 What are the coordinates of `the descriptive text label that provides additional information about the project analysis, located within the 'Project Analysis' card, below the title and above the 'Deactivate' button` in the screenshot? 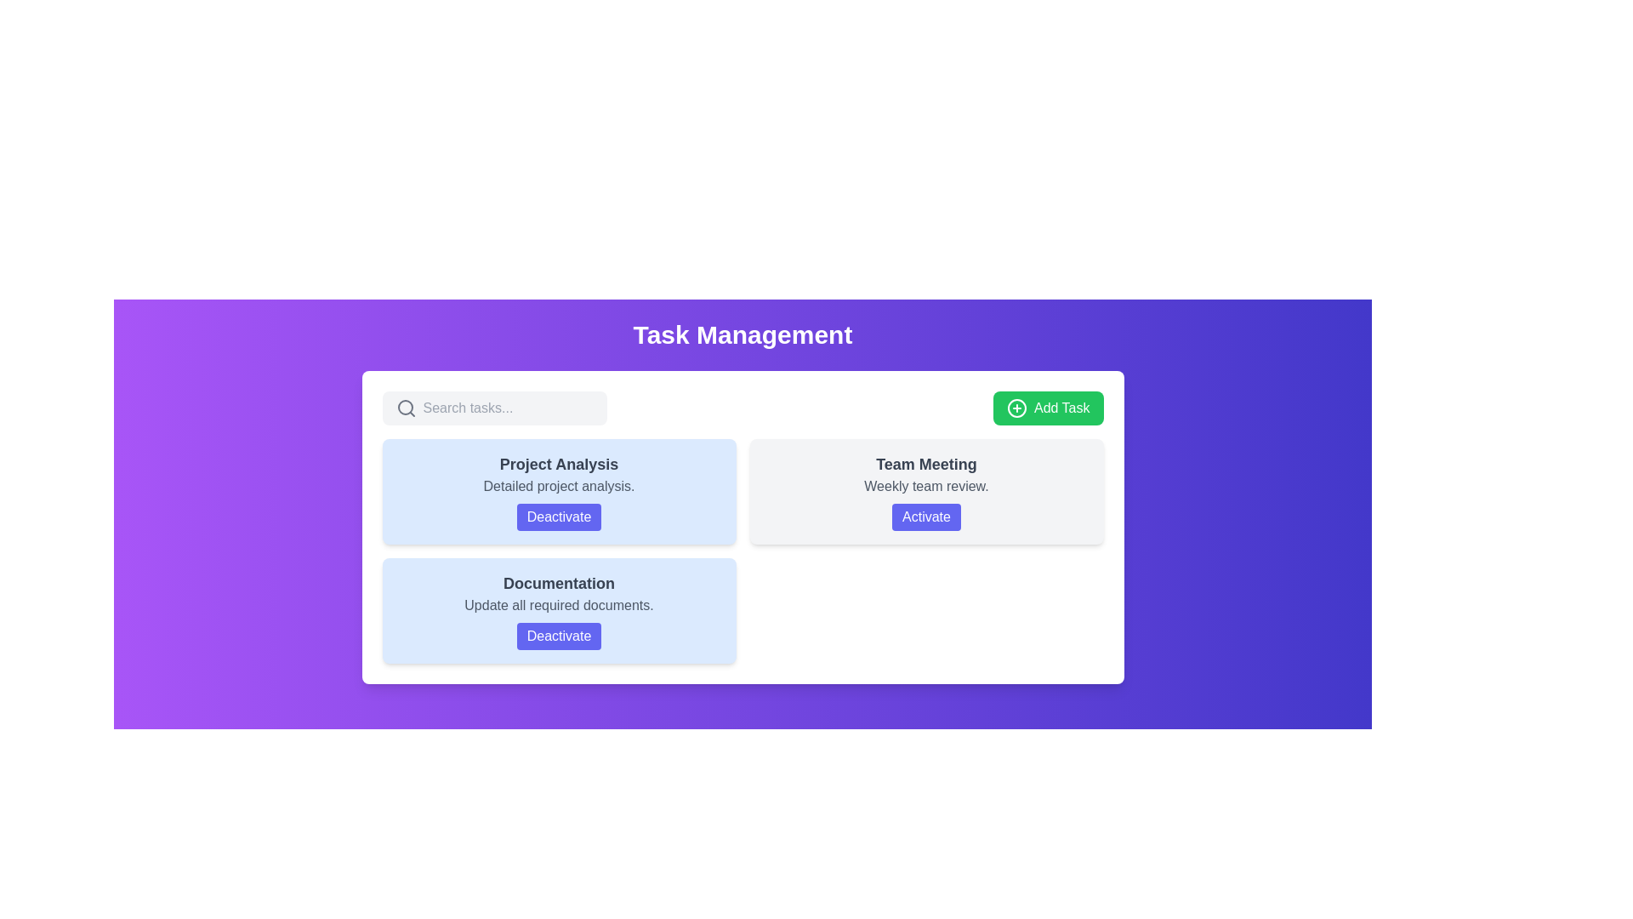 It's located at (559, 486).